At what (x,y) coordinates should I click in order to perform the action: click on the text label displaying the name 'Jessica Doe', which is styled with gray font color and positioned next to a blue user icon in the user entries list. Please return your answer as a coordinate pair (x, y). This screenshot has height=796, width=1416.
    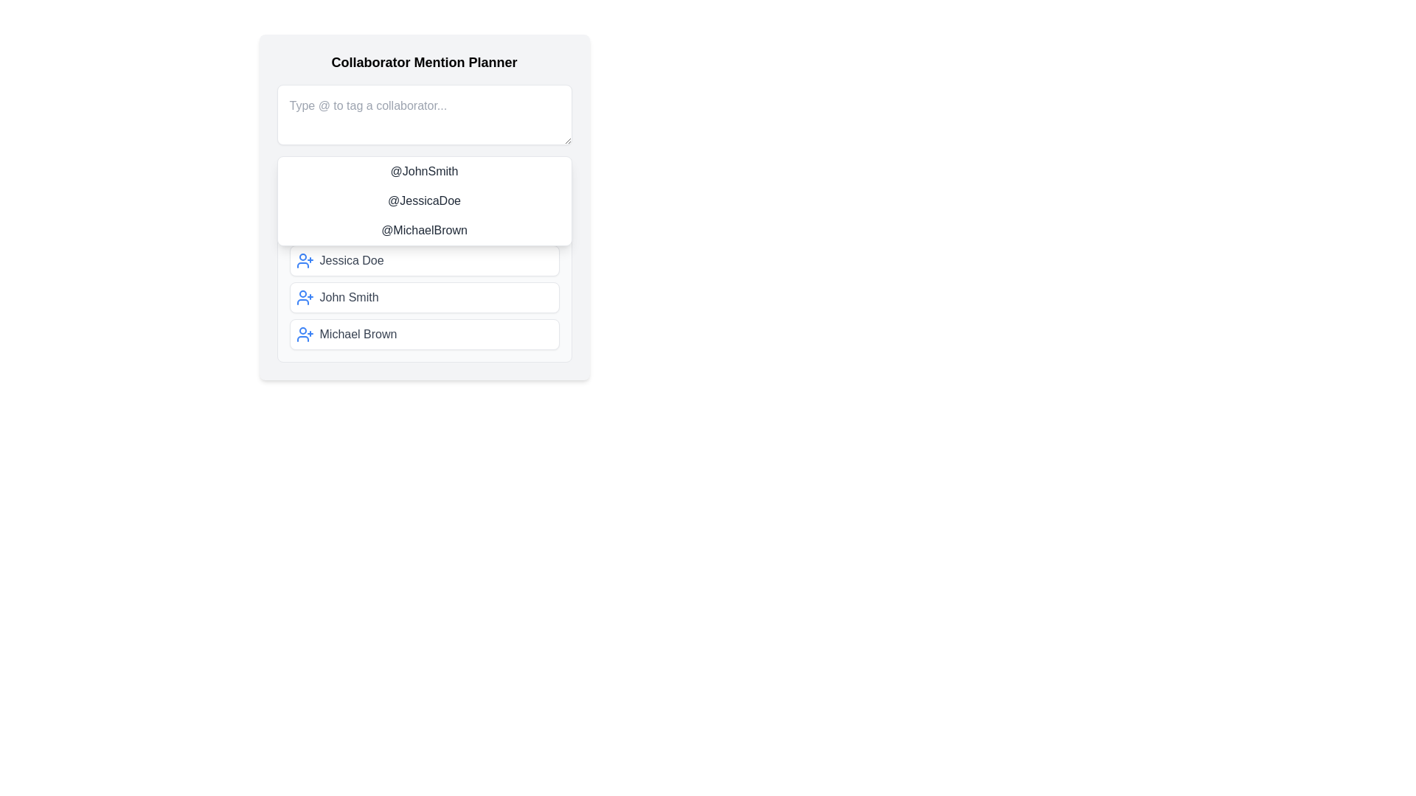
    Looking at the image, I should click on (350, 260).